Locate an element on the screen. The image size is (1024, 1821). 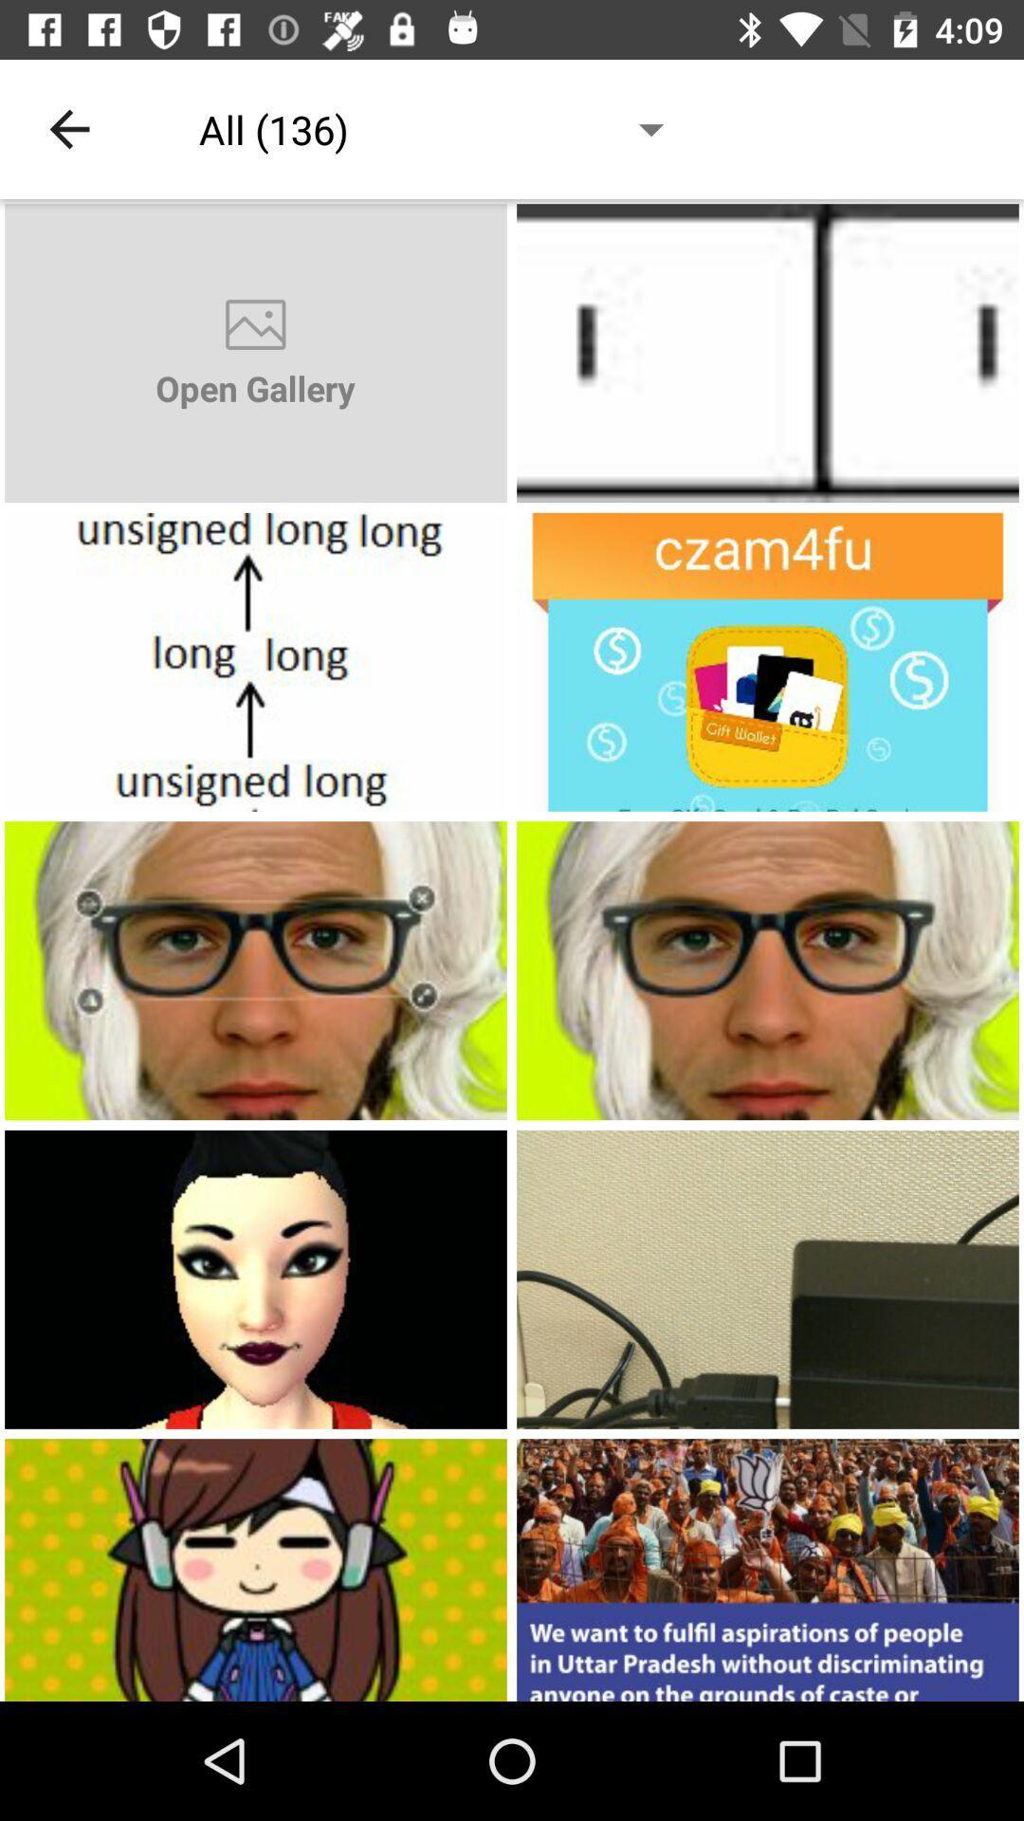
crzm4fu option is located at coordinates (768, 662).